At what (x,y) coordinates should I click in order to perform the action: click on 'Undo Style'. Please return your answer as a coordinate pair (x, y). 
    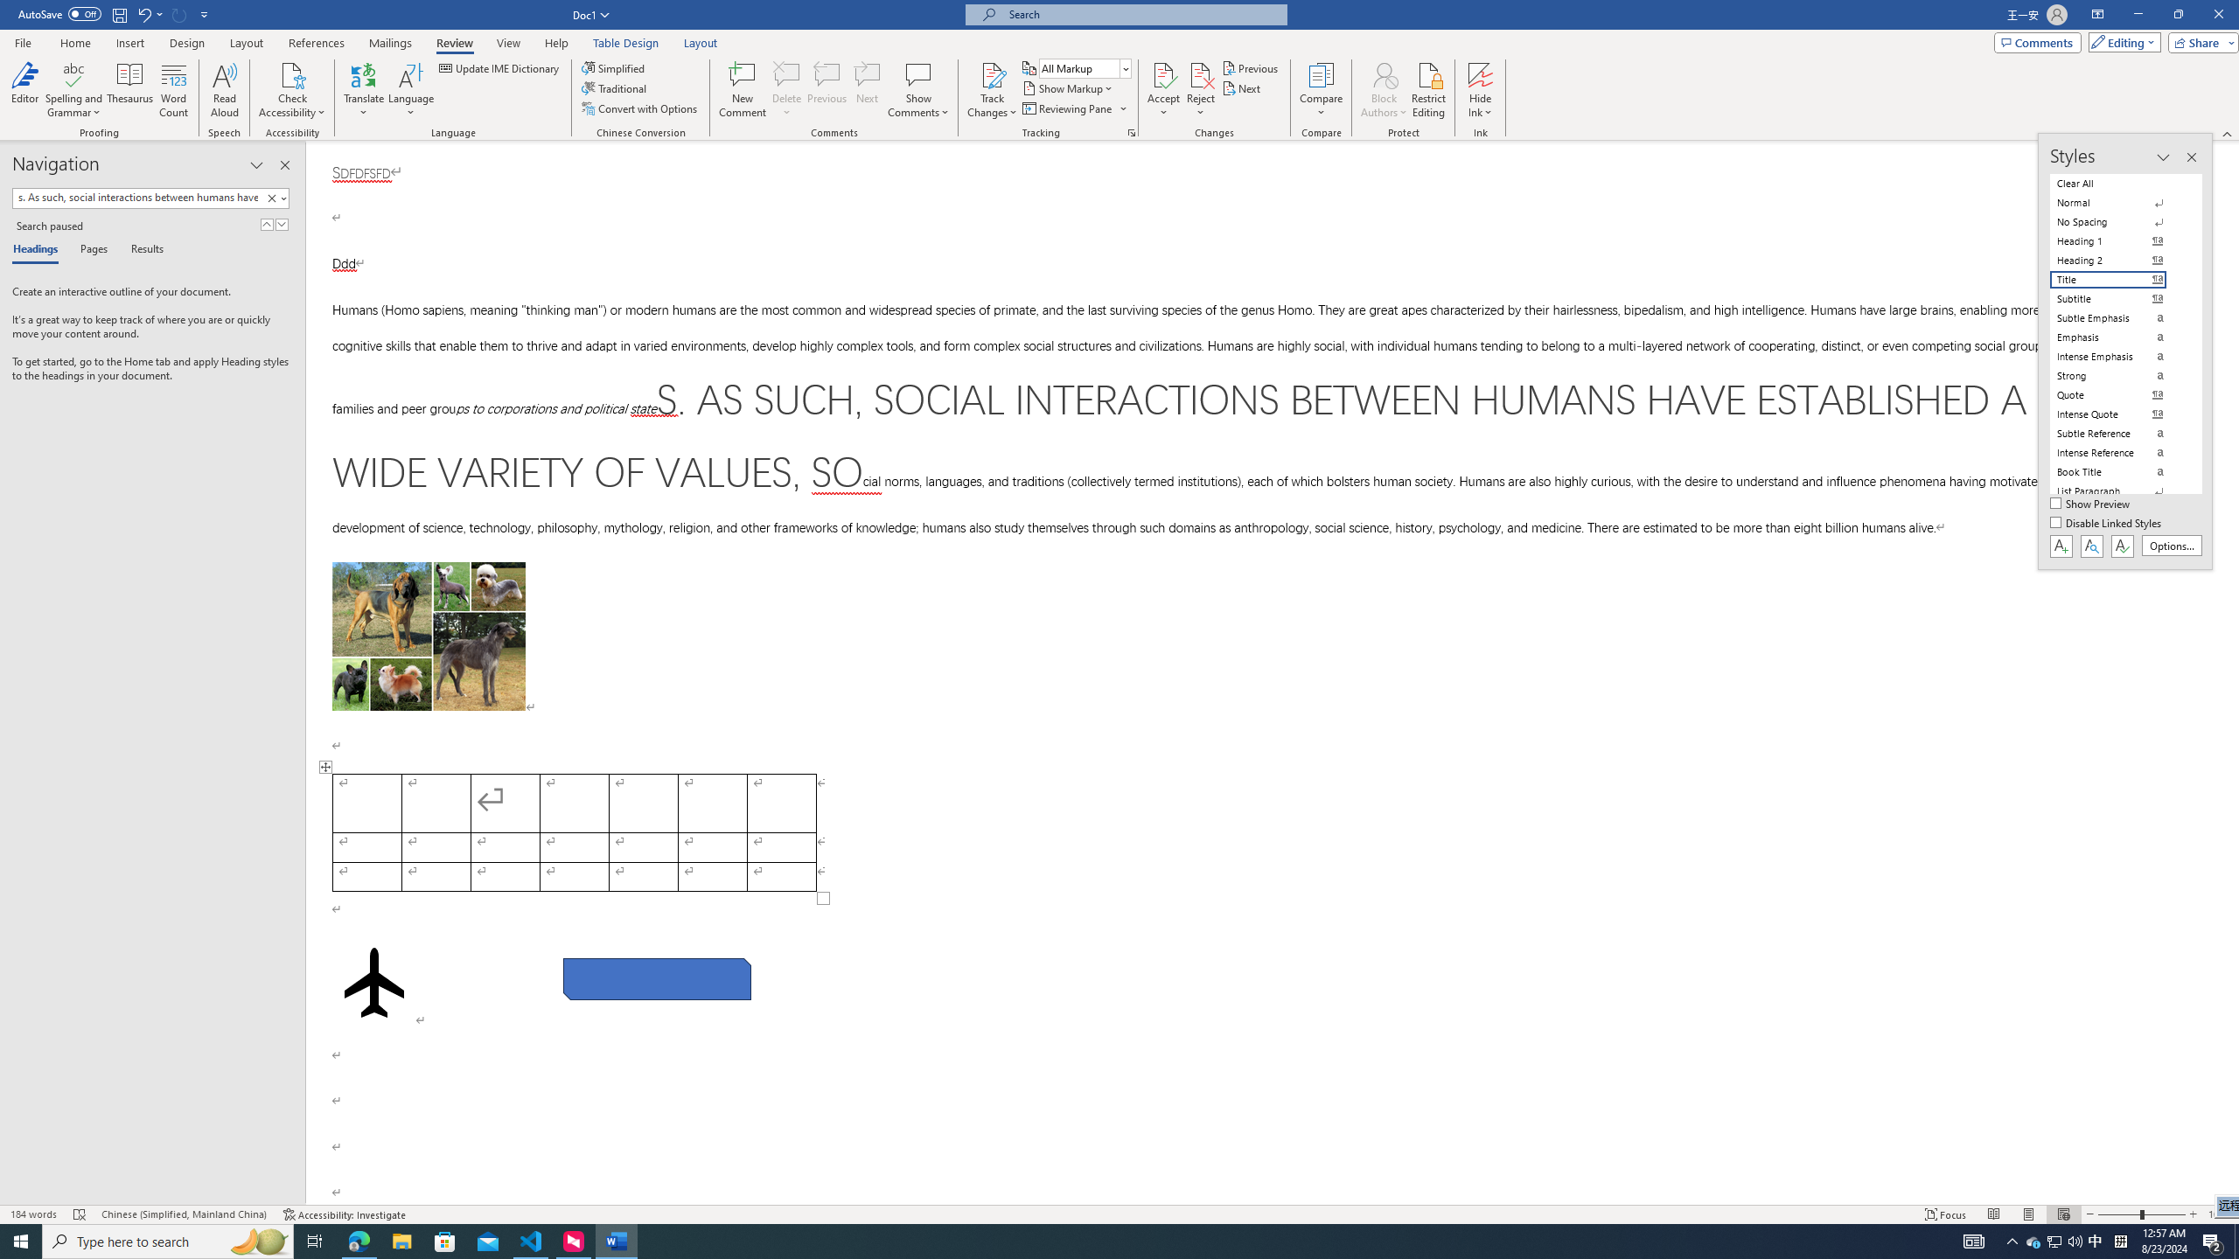
    Looking at the image, I should click on (149, 13).